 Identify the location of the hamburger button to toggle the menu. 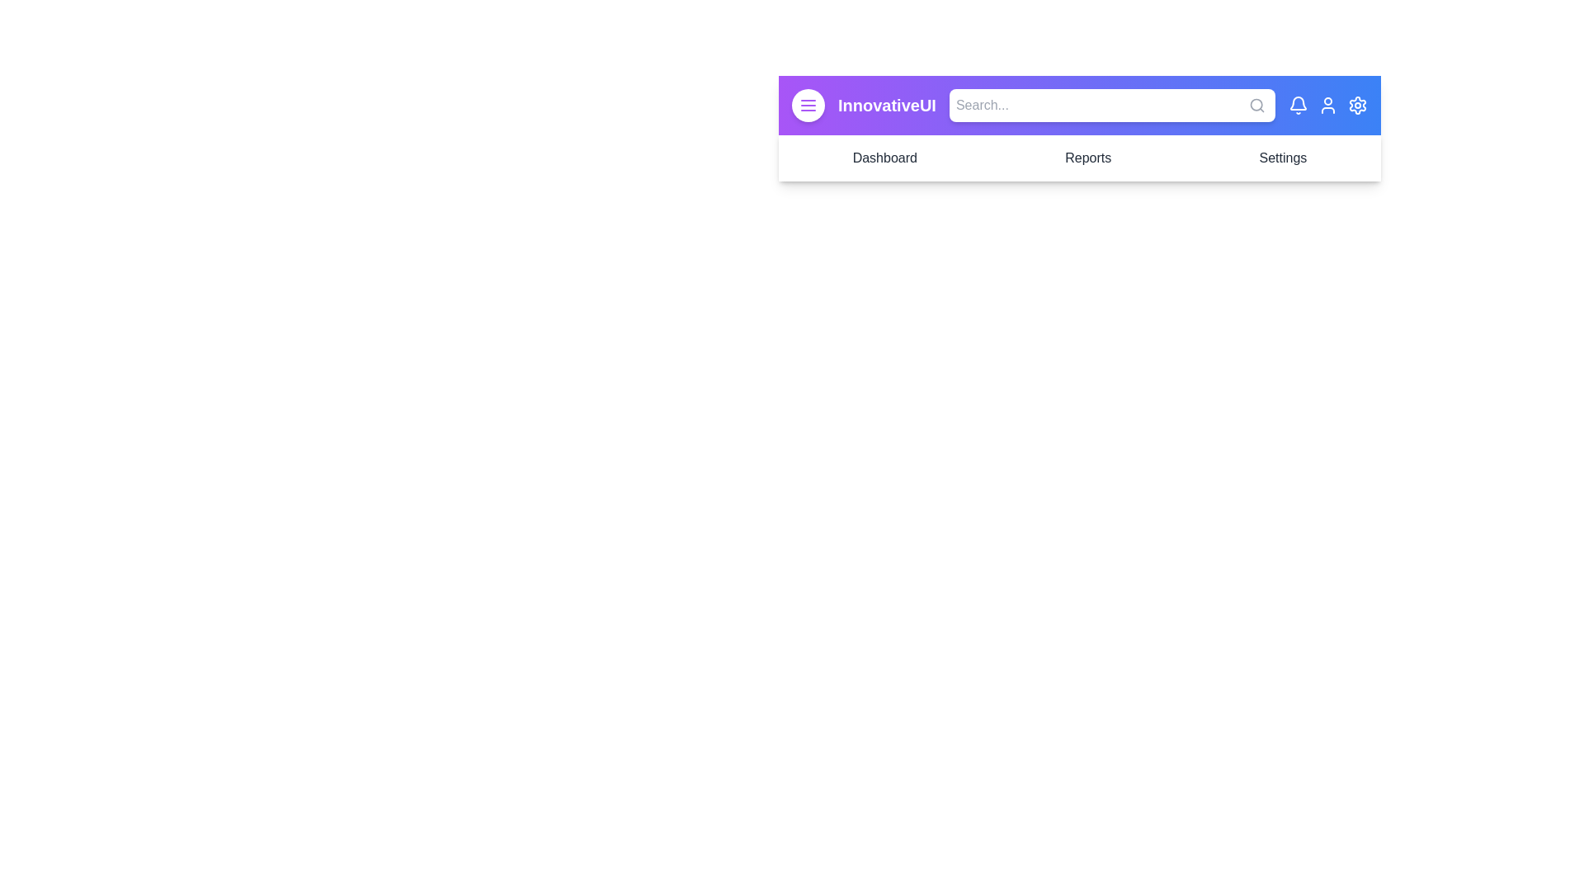
(808, 105).